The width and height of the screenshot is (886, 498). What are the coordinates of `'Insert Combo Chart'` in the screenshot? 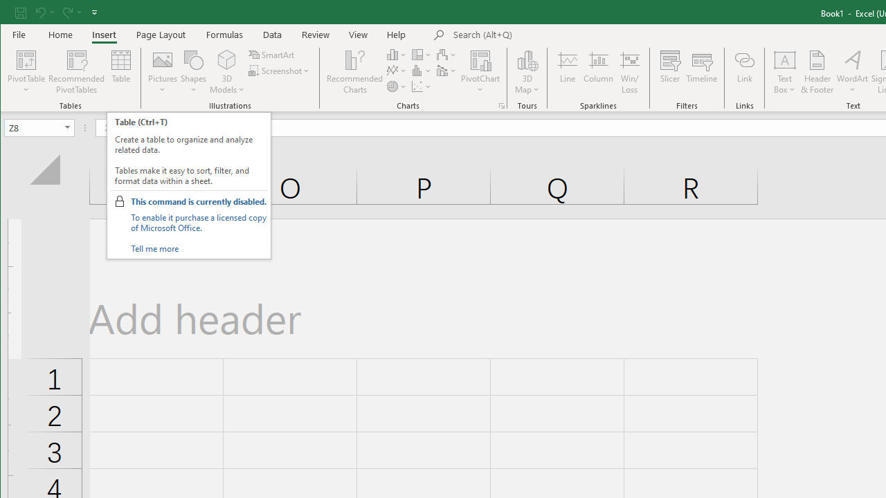 It's located at (447, 71).